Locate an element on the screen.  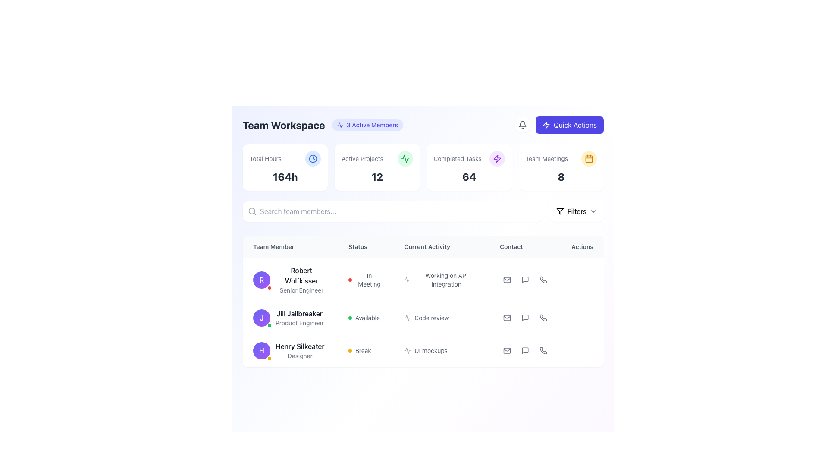
text displayed in the 'Current Activity' column for the team member 'Robert Wolfkisser' is located at coordinates (442, 280).